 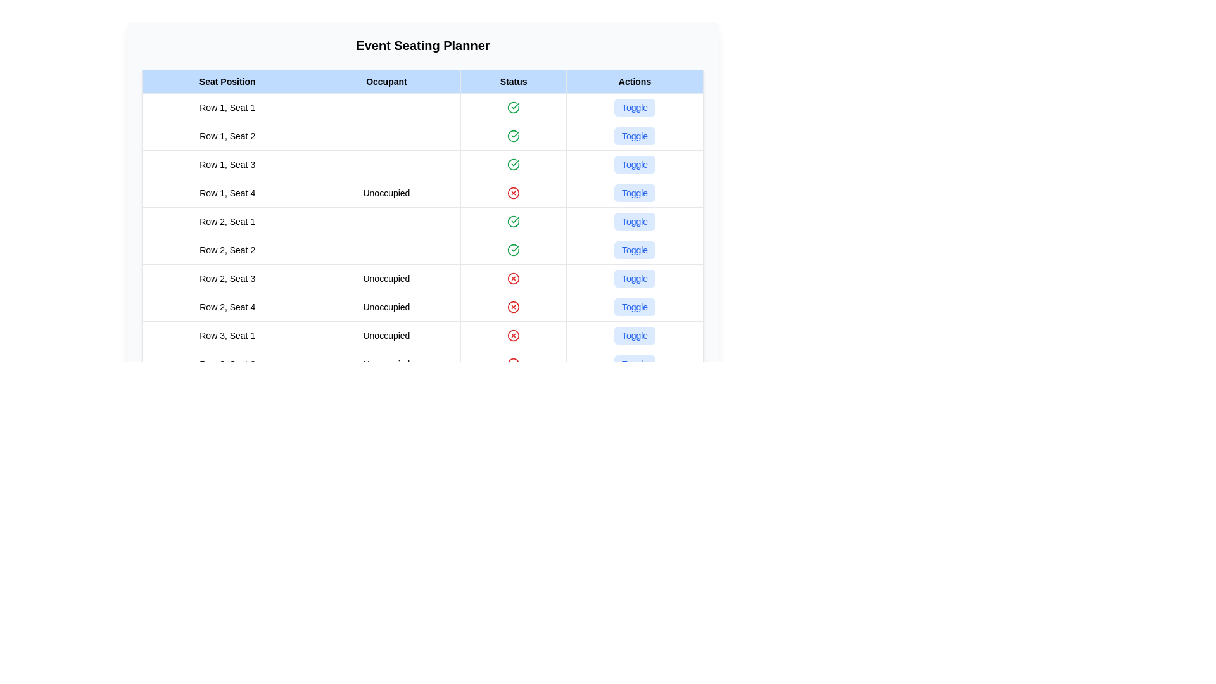 What do you see at coordinates (514, 136) in the screenshot?
I see `the status icon in the 'Status' column of the second row in the 'Event Seating Planner' table, which indicates a confirmed or active status` at bounding box center [514, 136].